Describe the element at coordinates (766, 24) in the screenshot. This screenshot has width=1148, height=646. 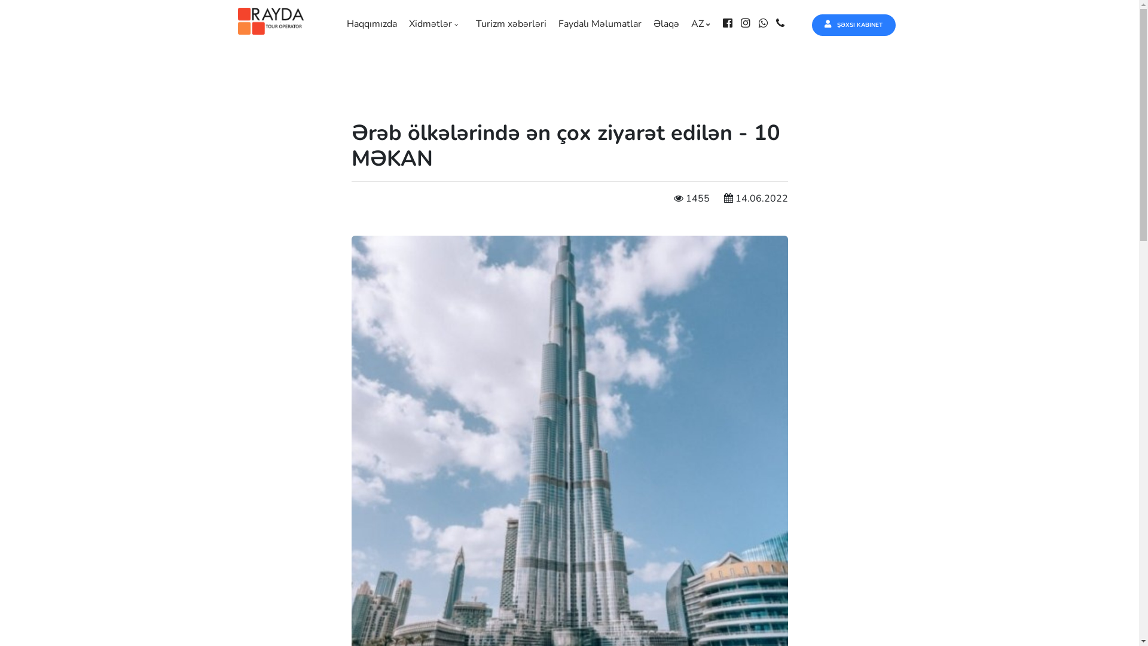
I see `'Whatsapp'` at that location.